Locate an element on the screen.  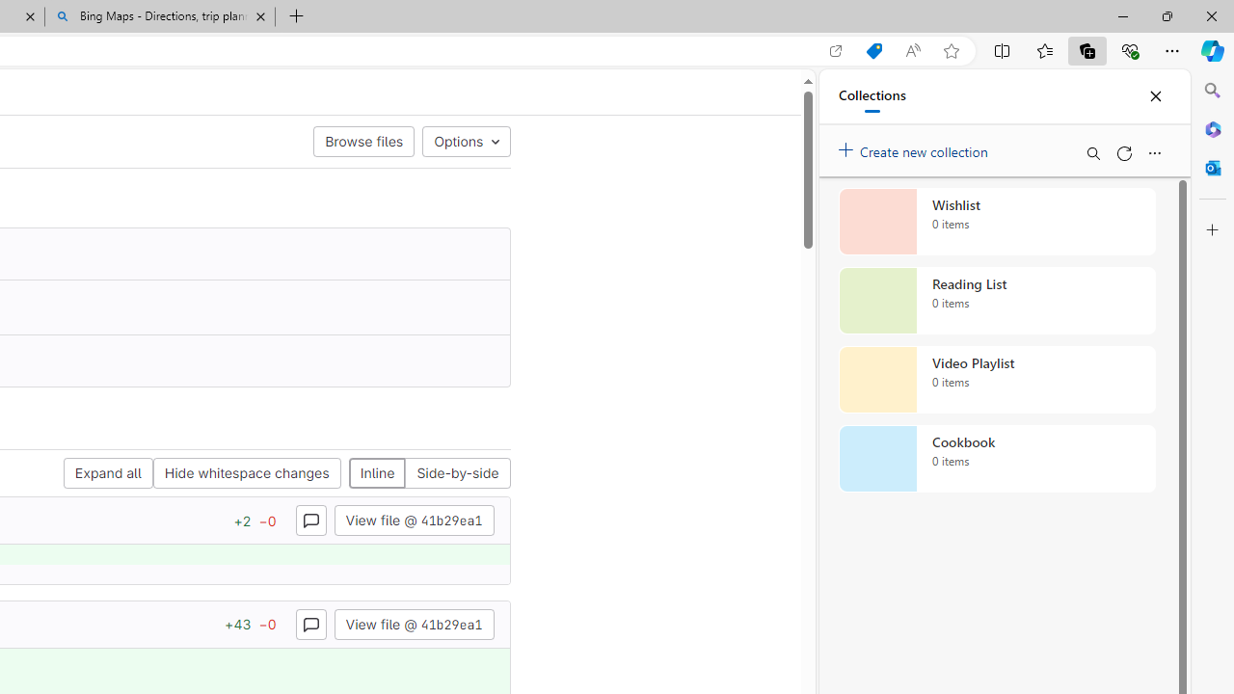
'Inline' is located at coordinates (377, 473).